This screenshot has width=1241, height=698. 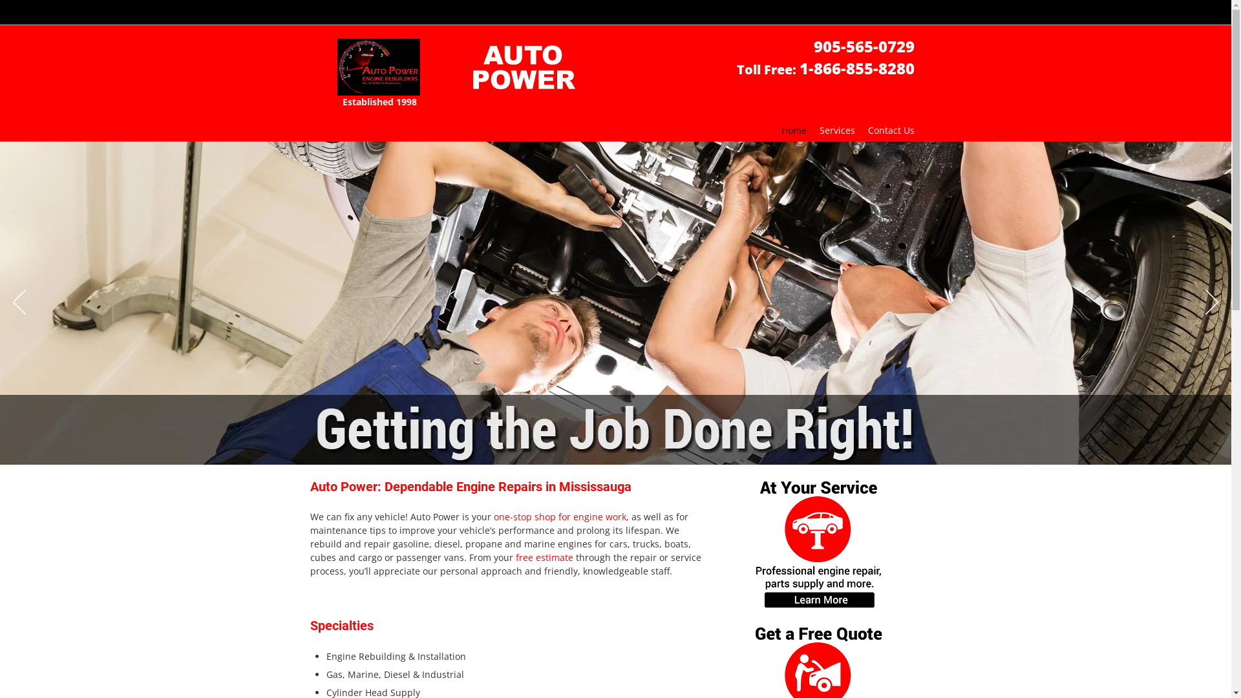 I want to click on 'one-stop shop for engine work', so click(x=560, y=517).